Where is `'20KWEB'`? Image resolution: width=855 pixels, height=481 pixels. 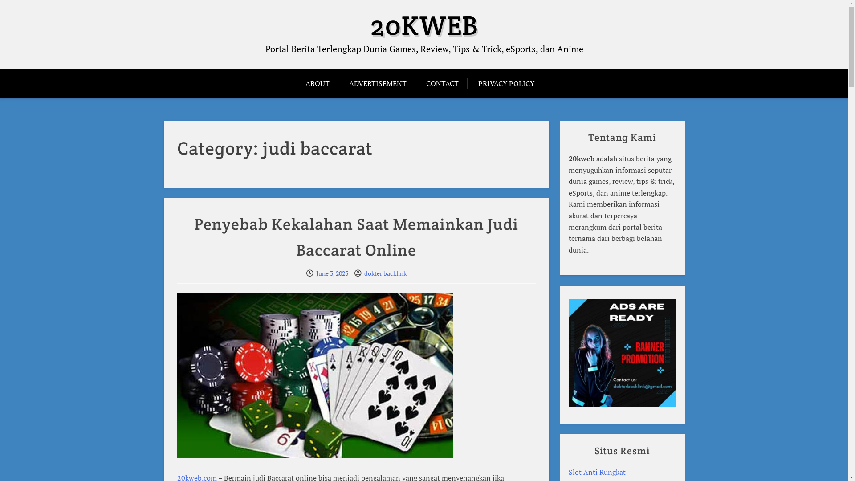 '20KWEB' is located at coordinates (423, 25).